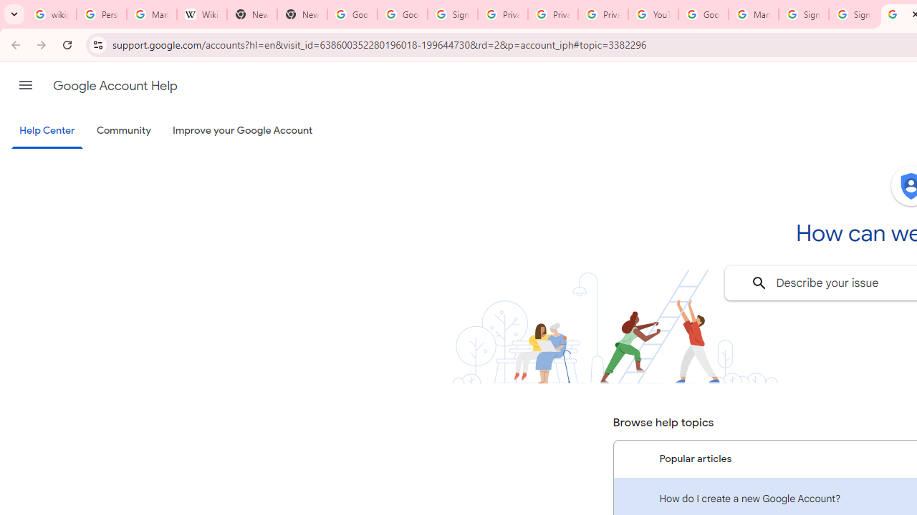 The width and height of the screenshot is (917, 515). What do you see at coordinates (115, 85) in the screenshot?
I see `'Google Account Help'` at bounding box center [115, 85].